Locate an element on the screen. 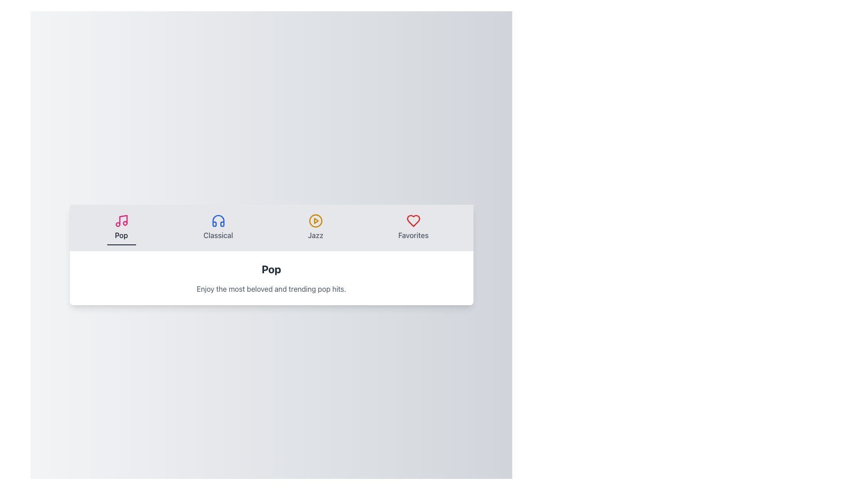 This screenshot has width=865, height=487. the 'Jazz' category button in the horizontal menu bar is located at coordinates (315, 227).